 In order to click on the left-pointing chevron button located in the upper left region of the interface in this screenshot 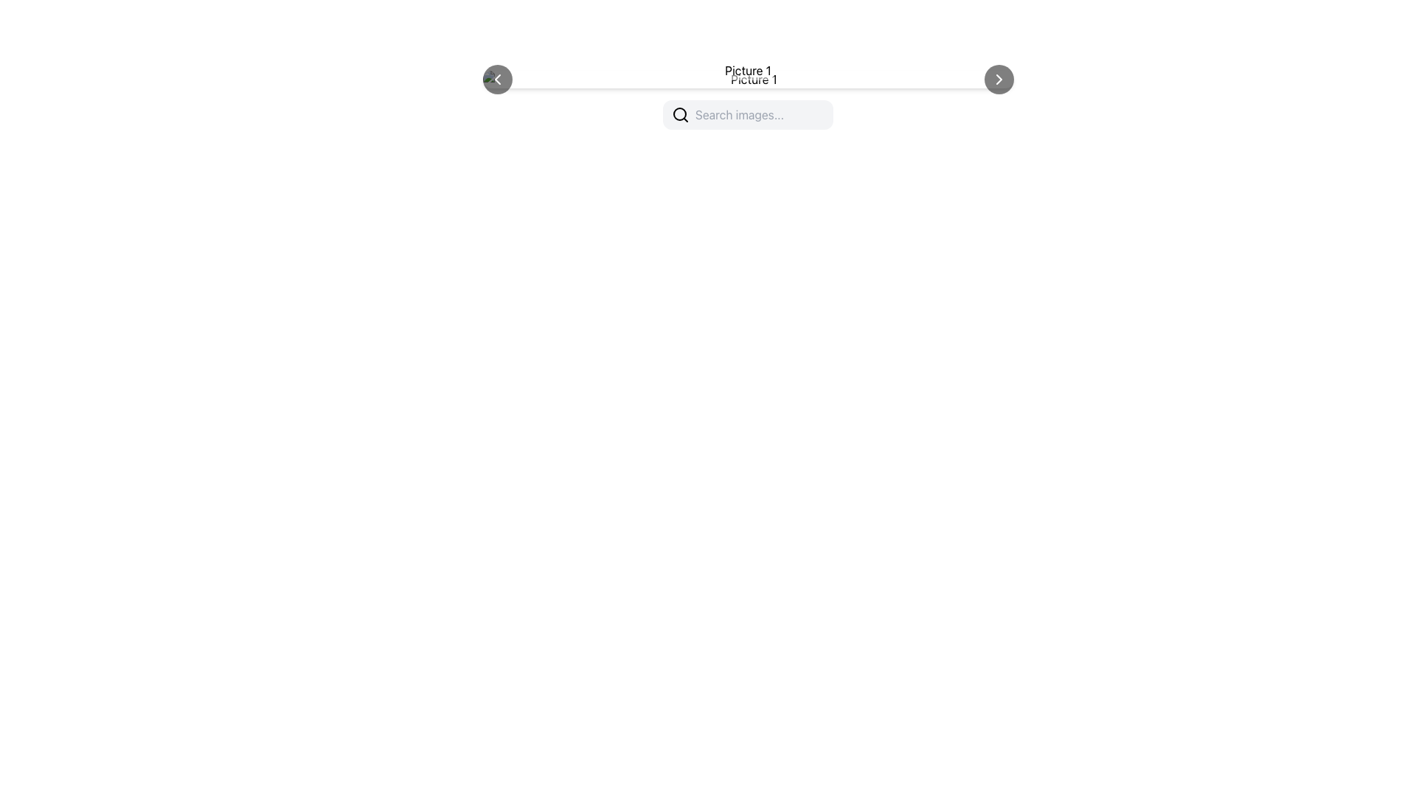, I will do `click(497, 80)`.